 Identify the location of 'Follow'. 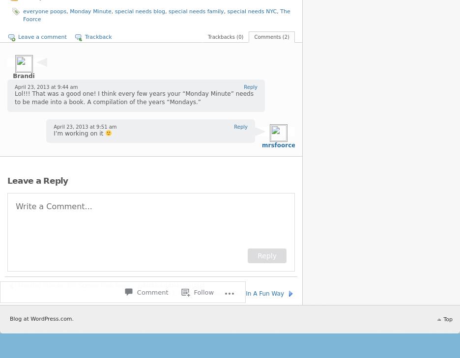
(203, 255).